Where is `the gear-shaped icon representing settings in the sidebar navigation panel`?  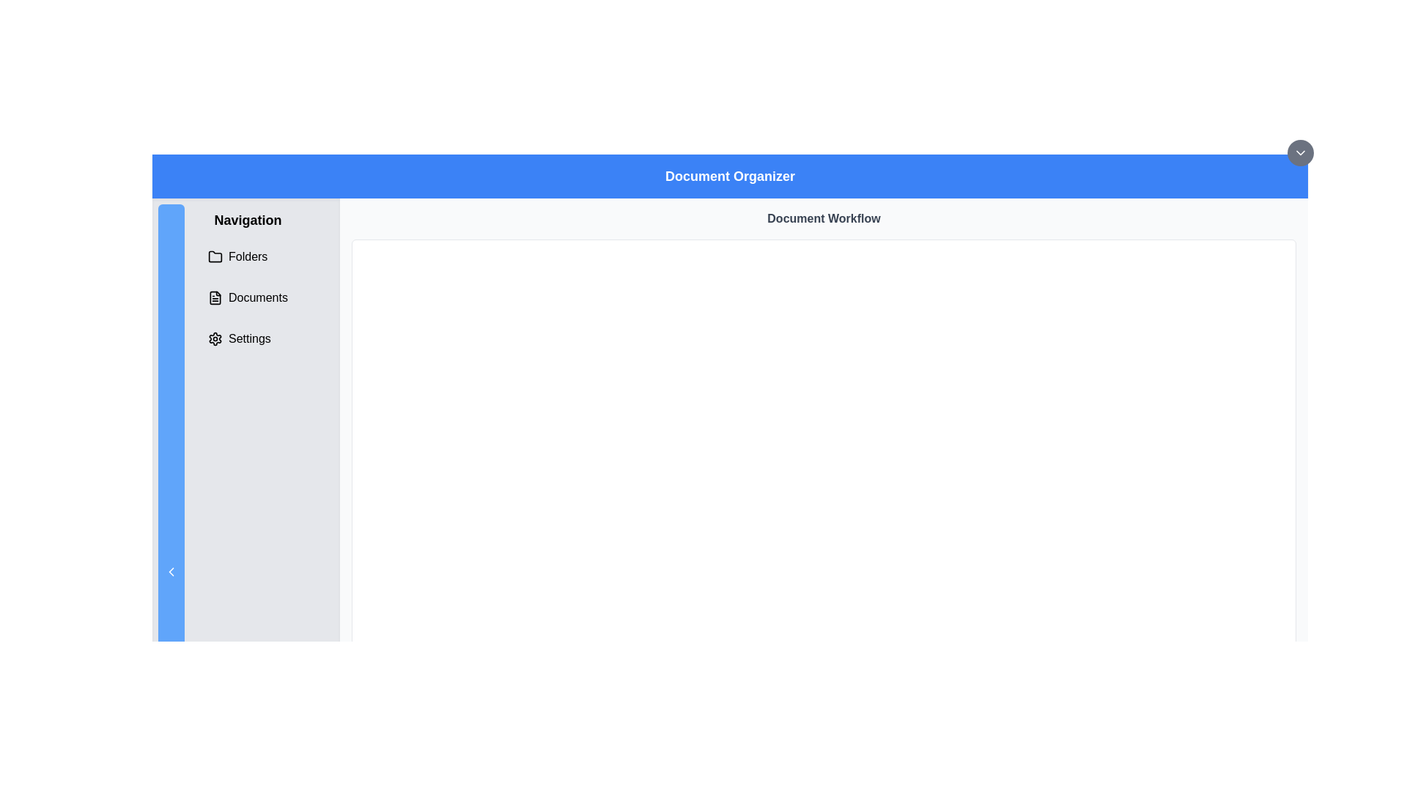
the gear-shaped icon representing settings in the sidebar navigation panel is located at coordinates (214, 338).